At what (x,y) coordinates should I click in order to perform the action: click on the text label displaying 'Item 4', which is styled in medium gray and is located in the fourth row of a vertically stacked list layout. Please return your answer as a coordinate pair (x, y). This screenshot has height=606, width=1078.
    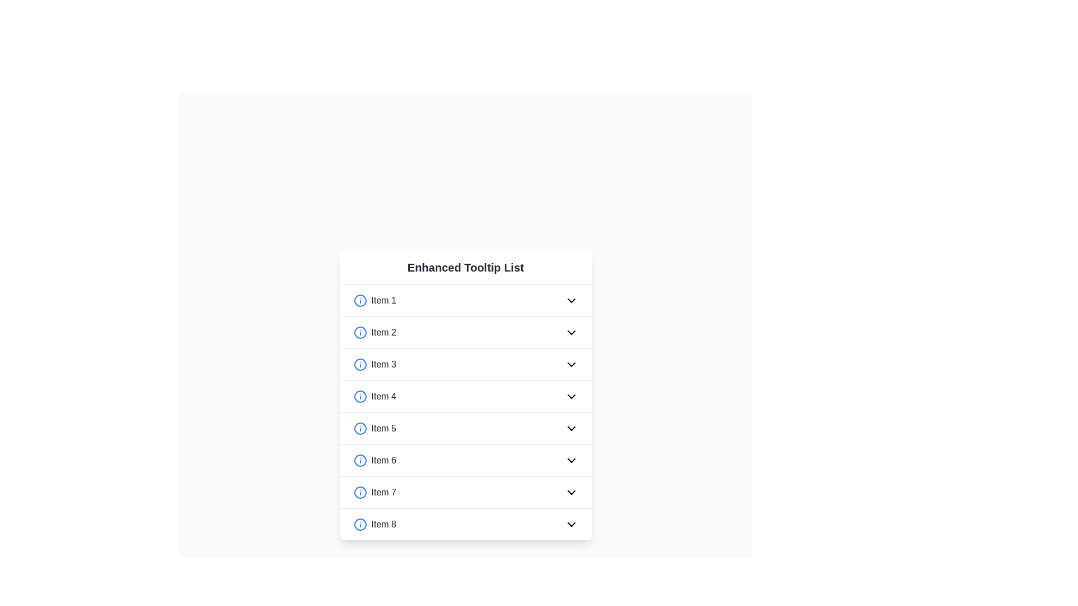
    Looking at the image, I should click on (374, 396).